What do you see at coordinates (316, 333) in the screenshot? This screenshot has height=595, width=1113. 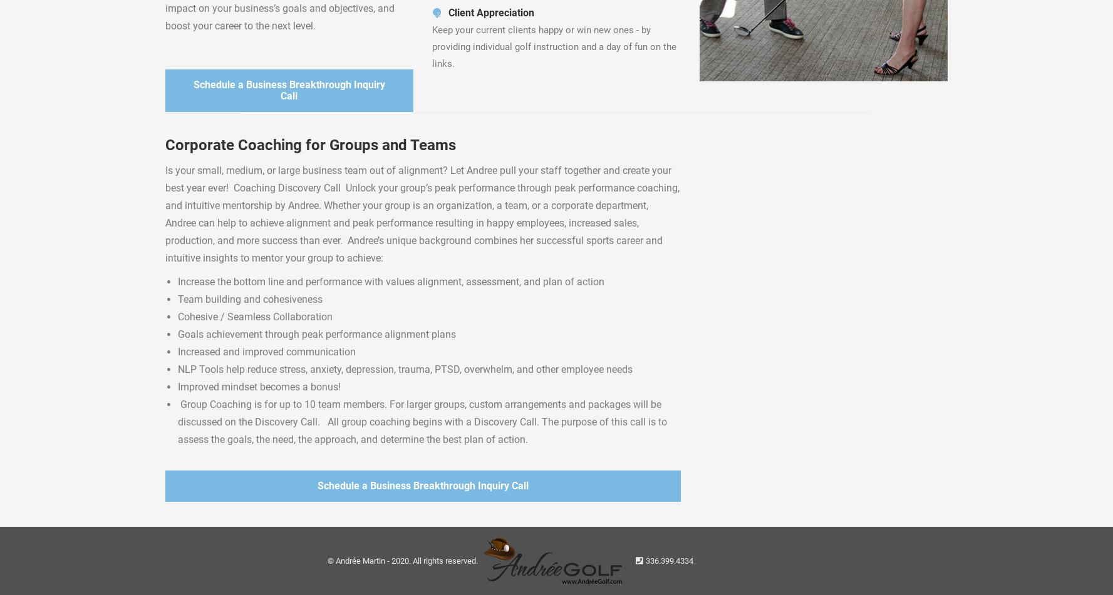 I see `'Goals achievement through peak performance alignment plans'` at bounding box center [316, 333].